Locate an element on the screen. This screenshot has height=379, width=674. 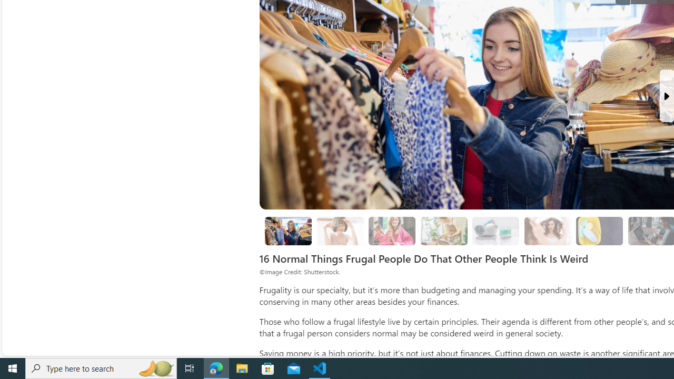
'4. Cutting the Bottom off the Toothpaste Tube' is located at coordinates (495, 230).